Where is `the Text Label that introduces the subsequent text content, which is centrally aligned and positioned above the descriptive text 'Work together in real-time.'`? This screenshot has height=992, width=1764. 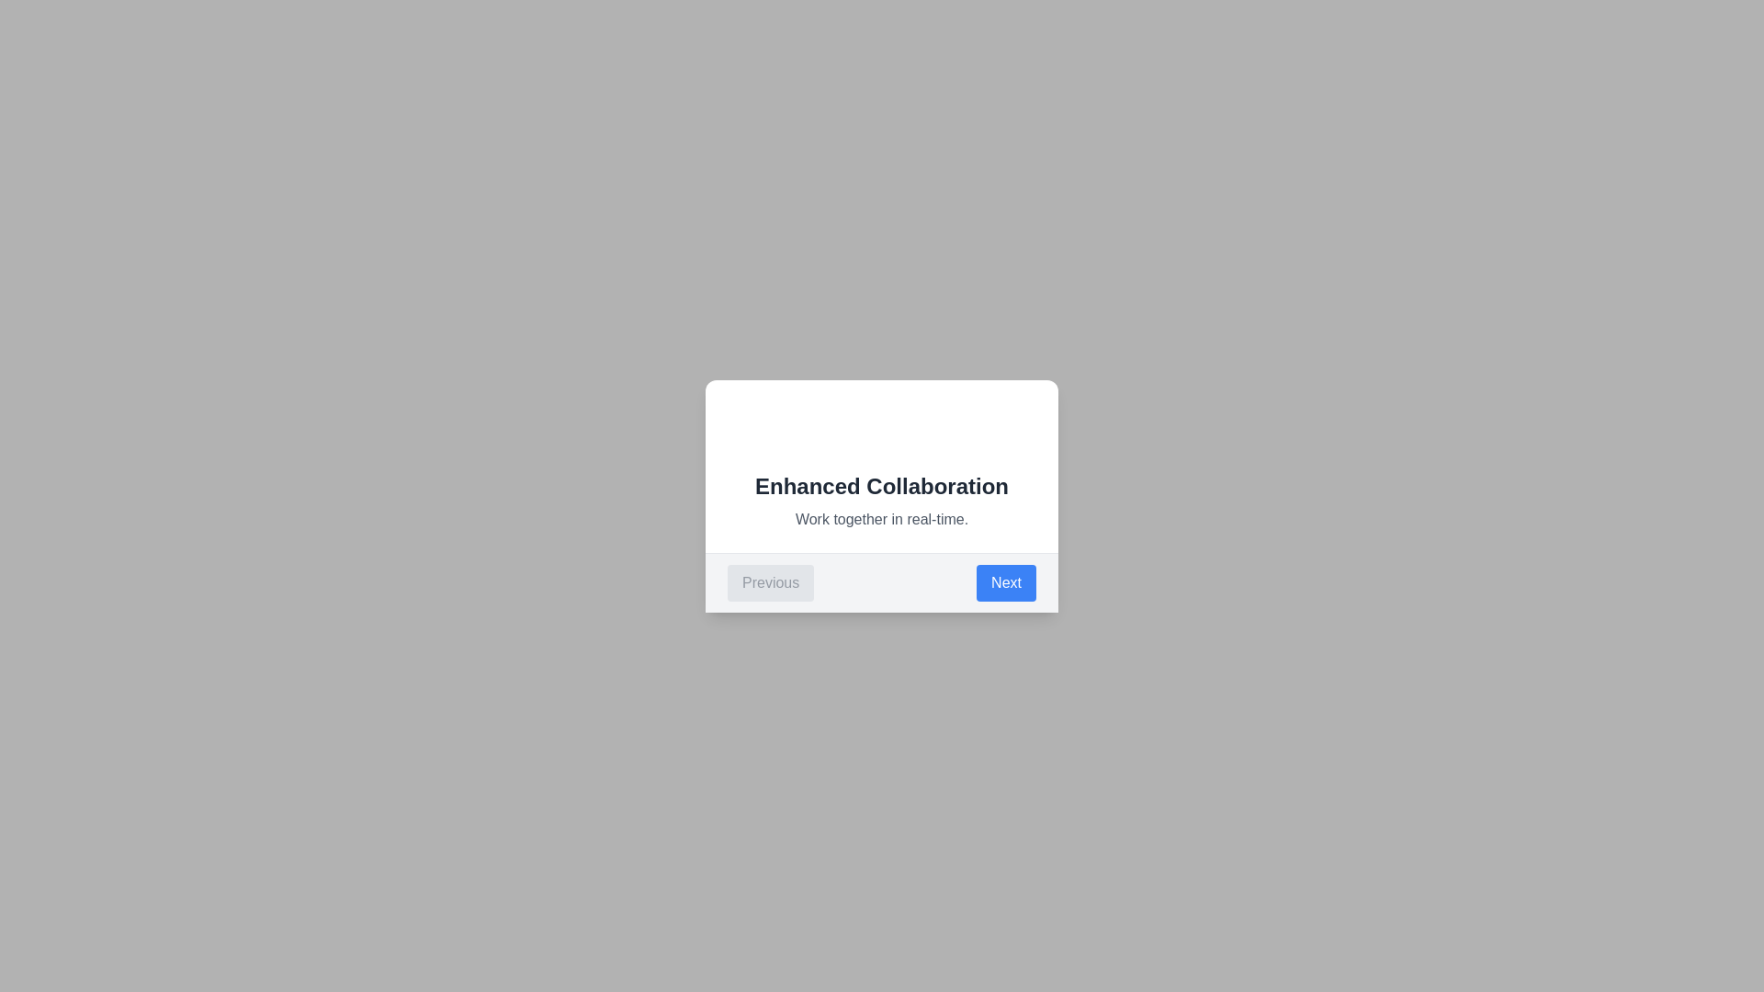
the Text Label that introduces the subsequent text content, which is centrally aligned and positioned above the descriptive text 'Work together in real-time.' is located at coordinates (882, 485).